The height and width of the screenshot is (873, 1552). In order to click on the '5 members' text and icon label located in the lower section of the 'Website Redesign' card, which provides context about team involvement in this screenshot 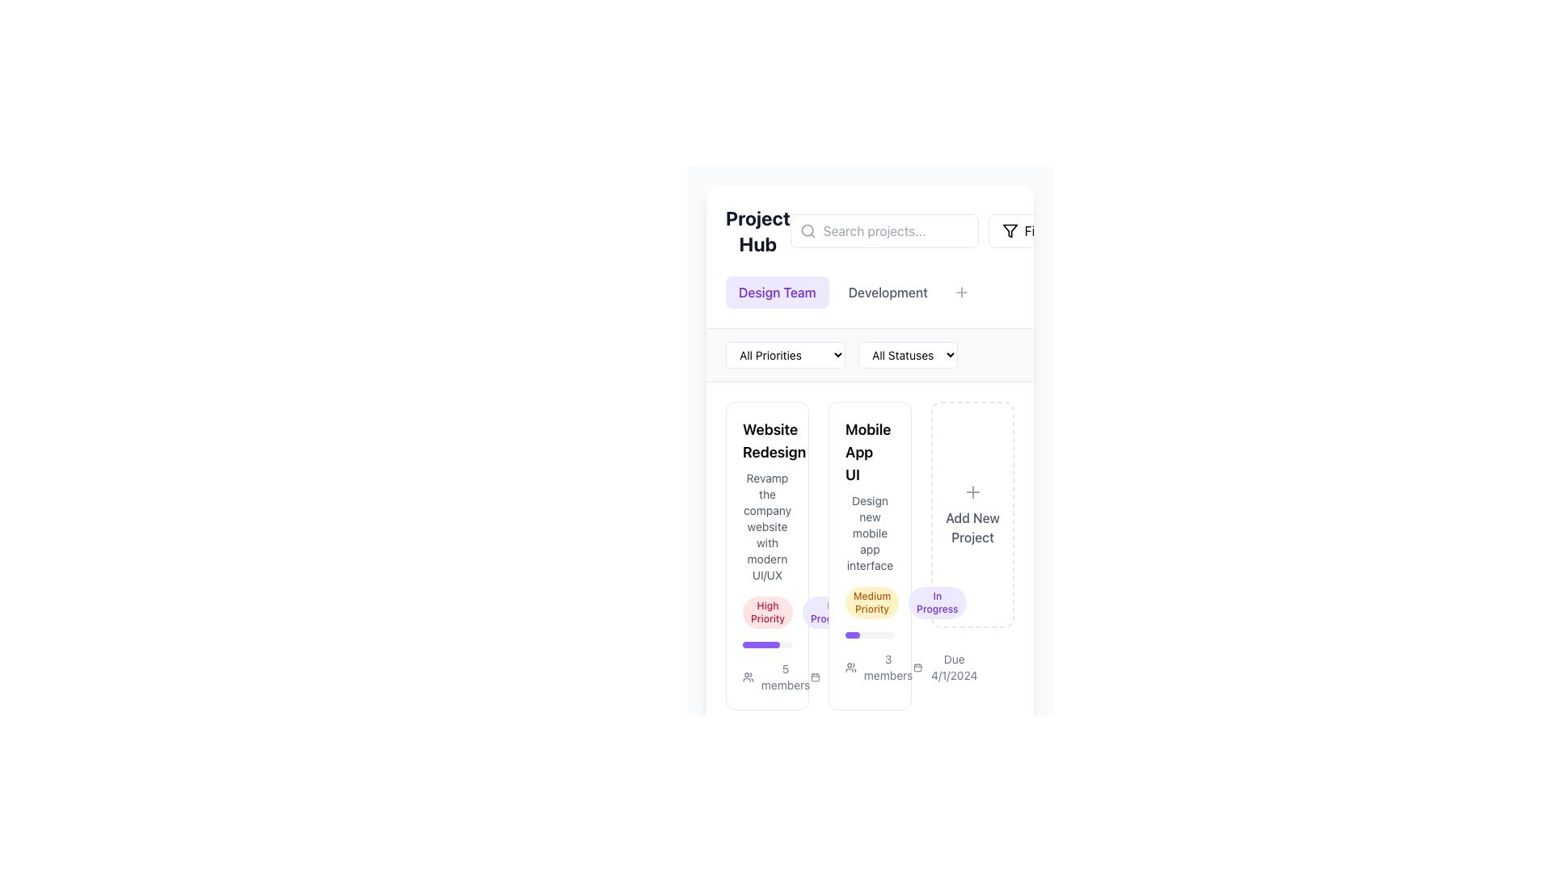, I will do `click(777, 677)`.